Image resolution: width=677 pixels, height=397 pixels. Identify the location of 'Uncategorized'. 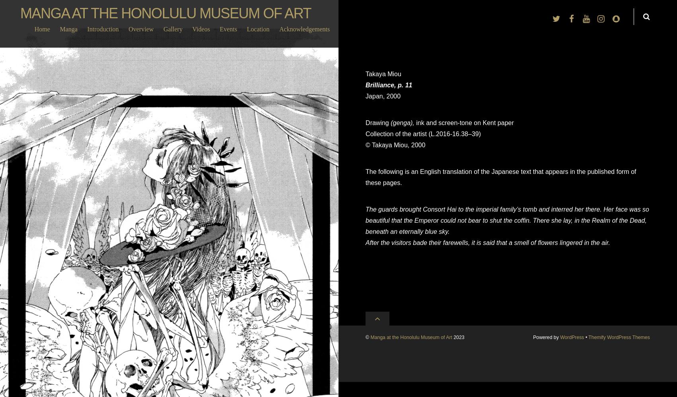
(169, 384).